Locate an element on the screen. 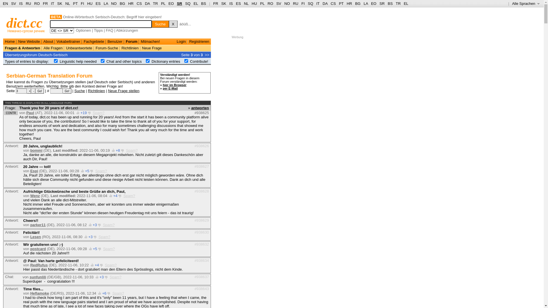 The height and width of the screenshot is (308, 548). 'NO' is located at coordinates (287, 3).